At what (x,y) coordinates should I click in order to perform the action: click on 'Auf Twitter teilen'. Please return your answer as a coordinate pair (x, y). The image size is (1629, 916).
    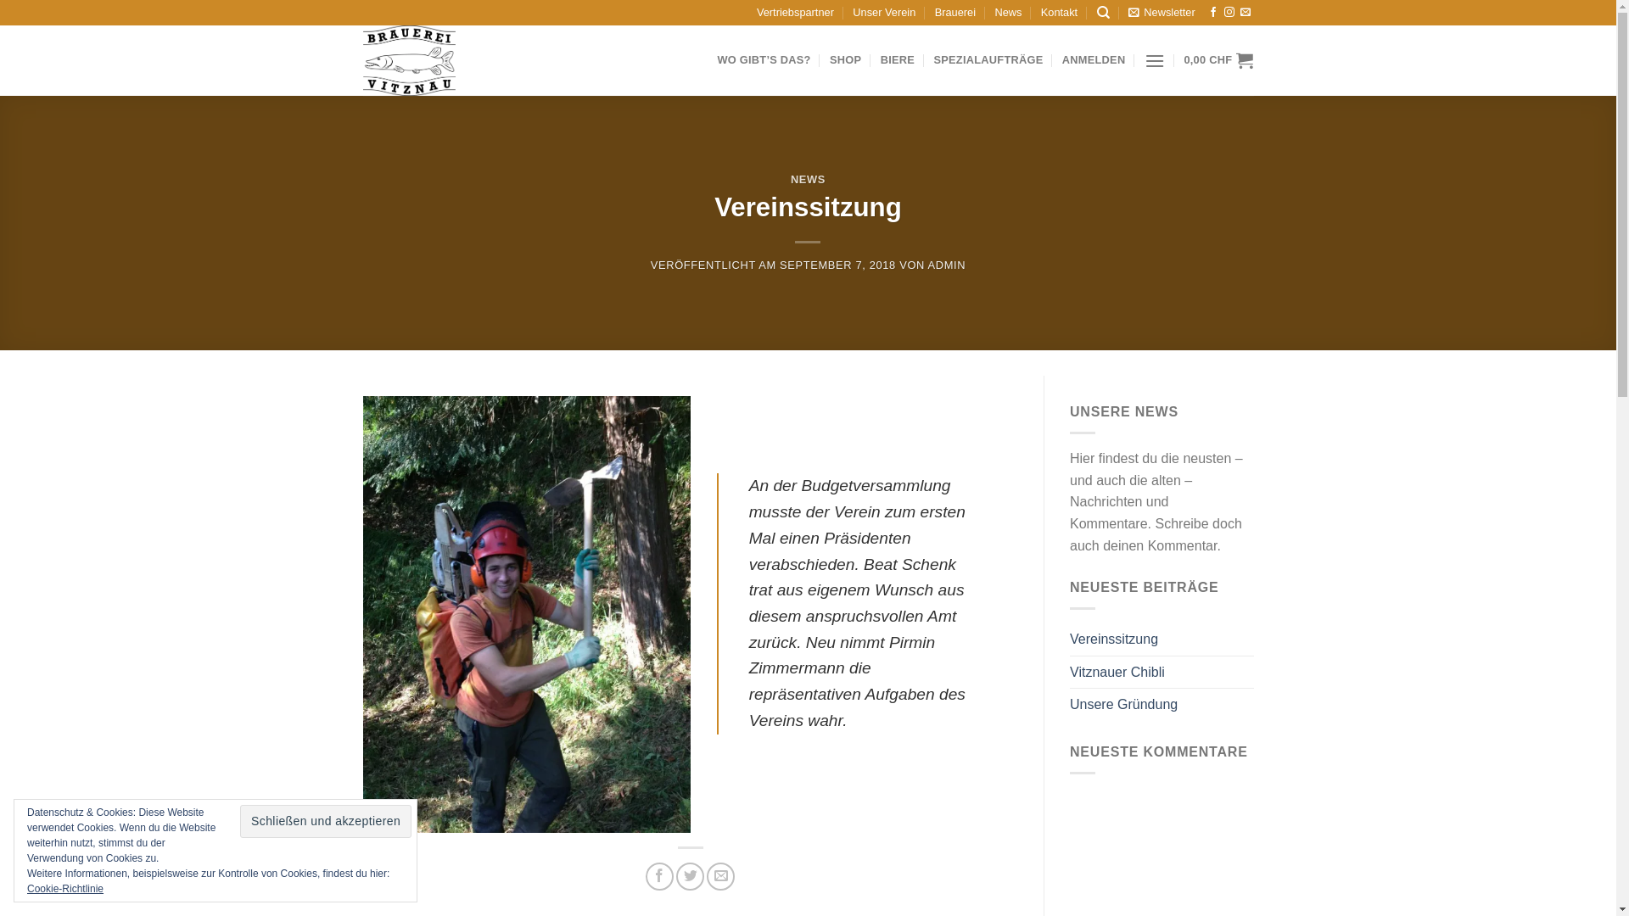
    Looking at the image, I should click on (675, 876).